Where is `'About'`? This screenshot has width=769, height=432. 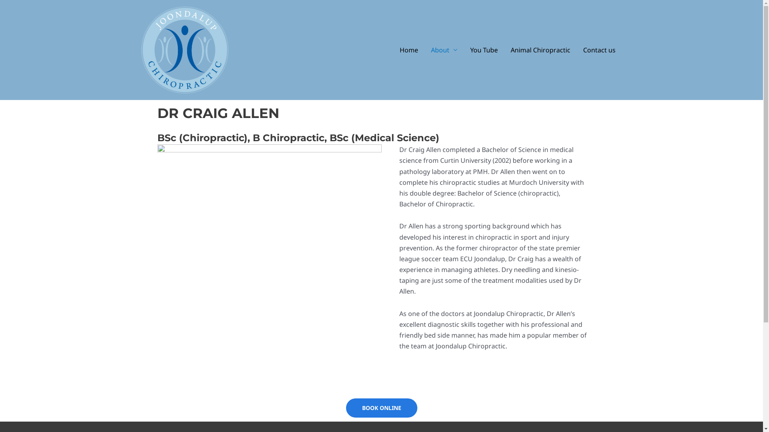
'About' is located at coordinates (424, 50).